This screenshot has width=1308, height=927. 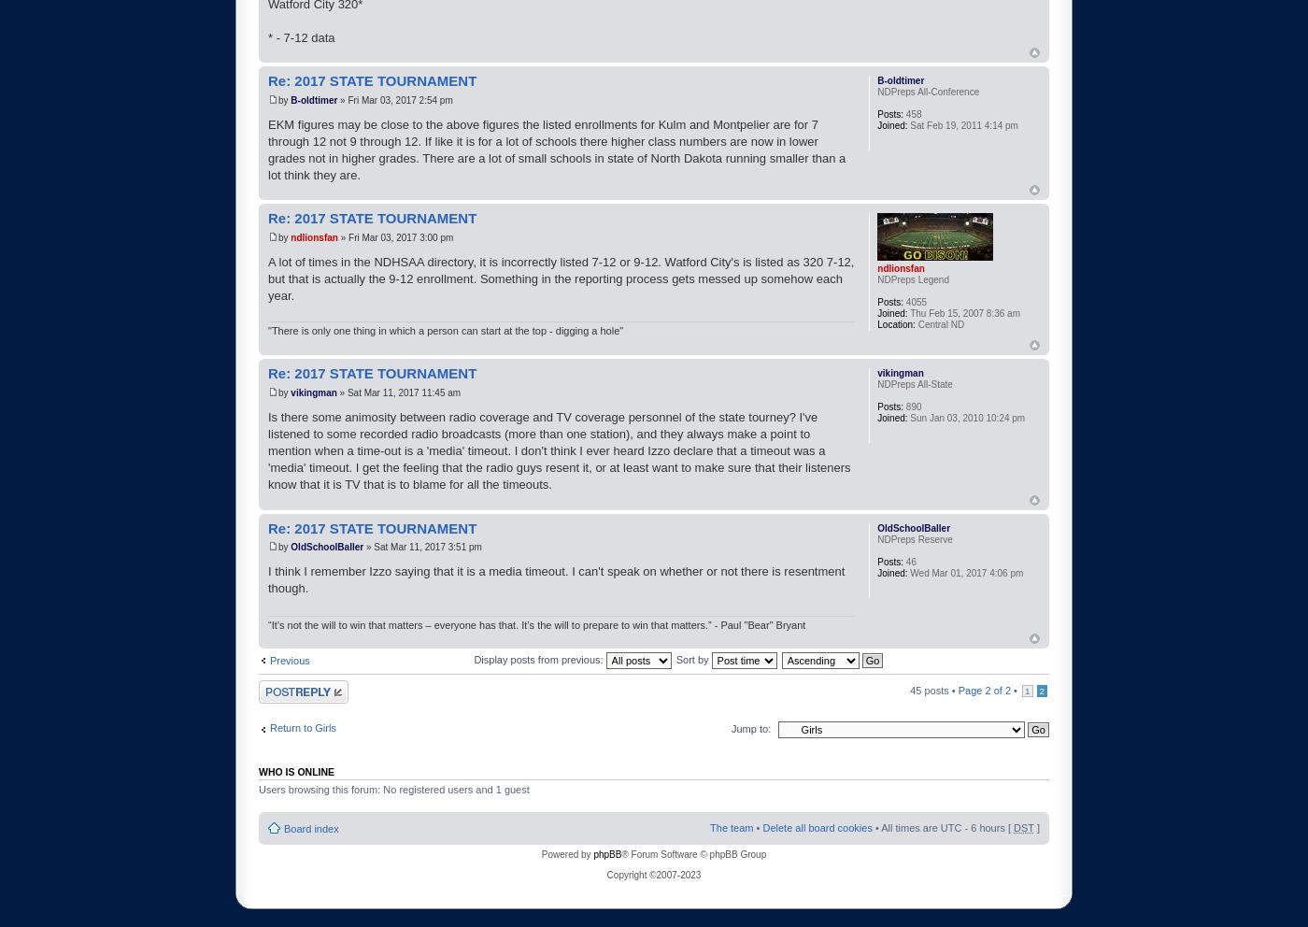 I want to click on 'EKM figures may be close to the above figures the listed enrollments for Kulm and Montpelier are for 7 through 12 not 9 through 12. If like it is for a lot of schools there higher class numbers are now in lower grades not in higher grades. There are a lot of small schools in state of North Dakota running smaller than a lot think they are.', so click(x=556, y=150).